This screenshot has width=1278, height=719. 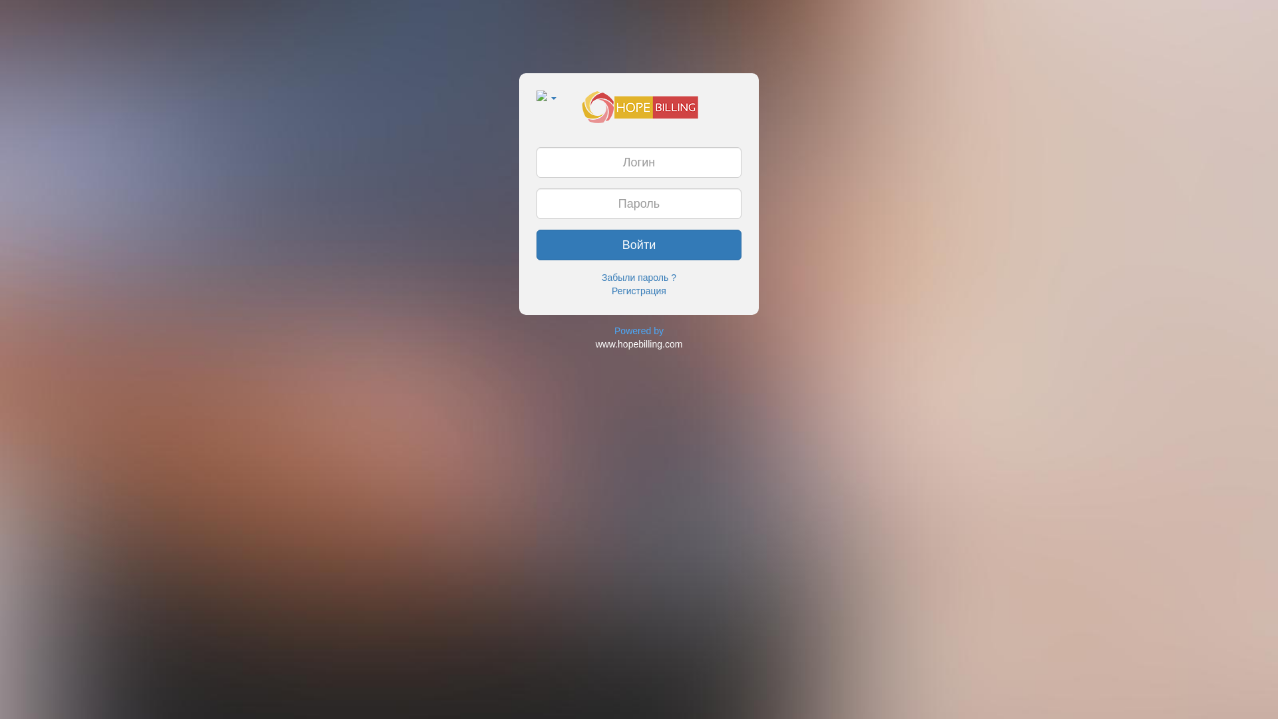 I want to click on 'www.hopebilling.com', so click(x=639, y=343).